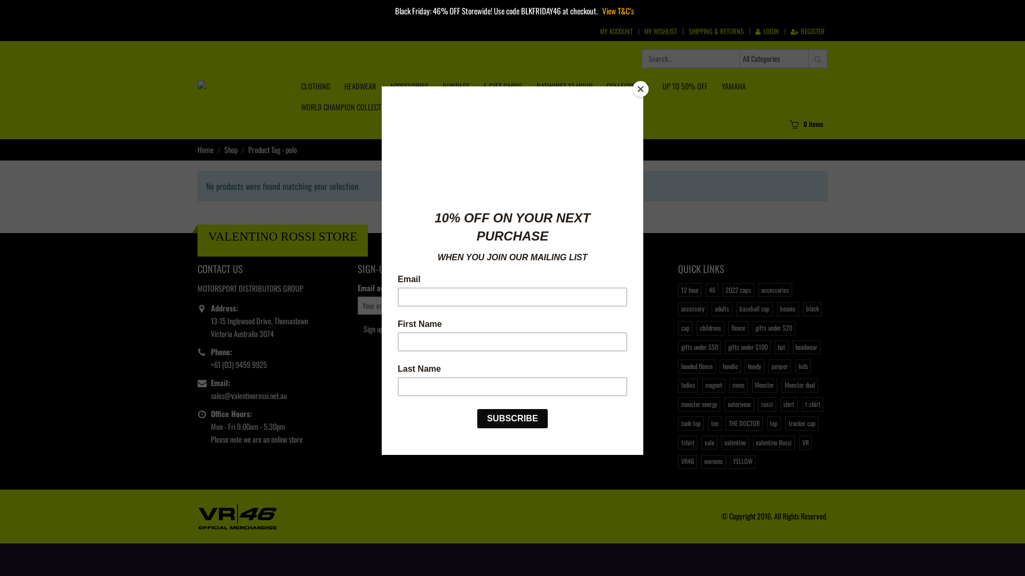 The image size is (1025, 576). What do you see at coordinates (692, 309) in the screenshot?
I see `'accessory'` at bounding box center [692, 309].